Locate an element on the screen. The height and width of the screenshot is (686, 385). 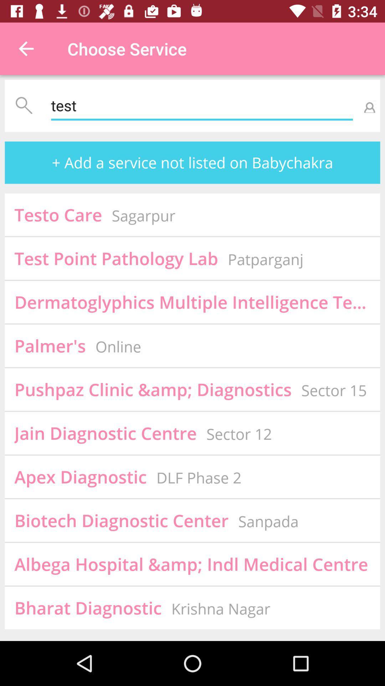
the item to the right of test is located at coordinates (368, 105).